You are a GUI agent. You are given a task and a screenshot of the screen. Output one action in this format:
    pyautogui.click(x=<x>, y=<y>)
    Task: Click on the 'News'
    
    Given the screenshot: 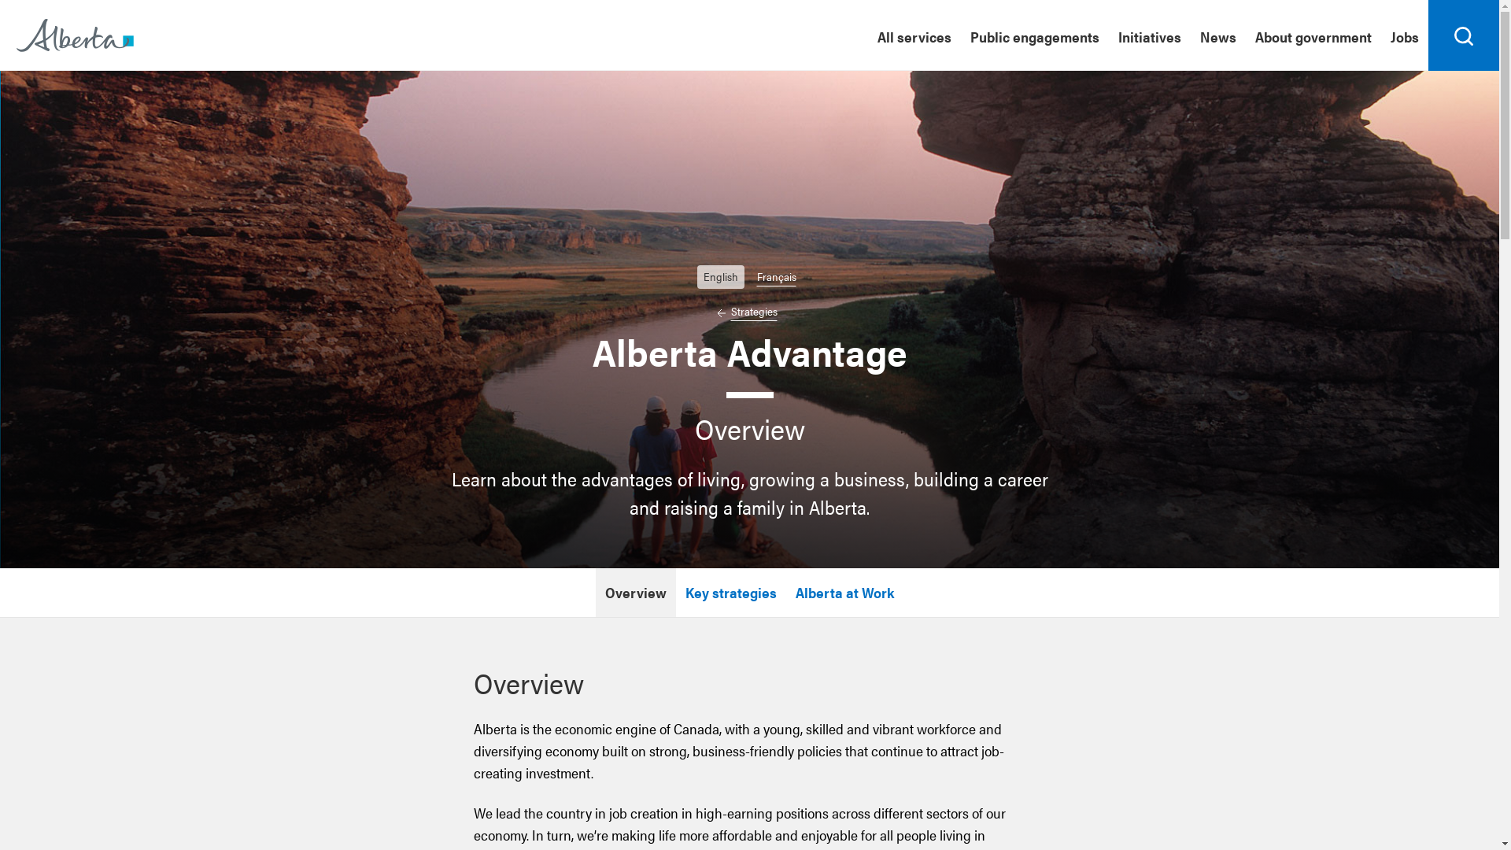 What is the action you would take?
    pyautogui.click(x=1217, y=35)
    